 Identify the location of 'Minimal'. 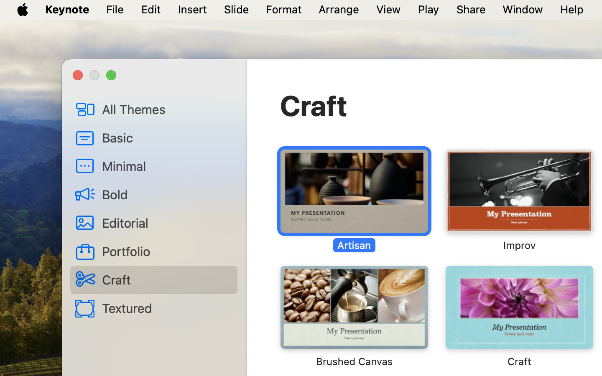
(166, 165).